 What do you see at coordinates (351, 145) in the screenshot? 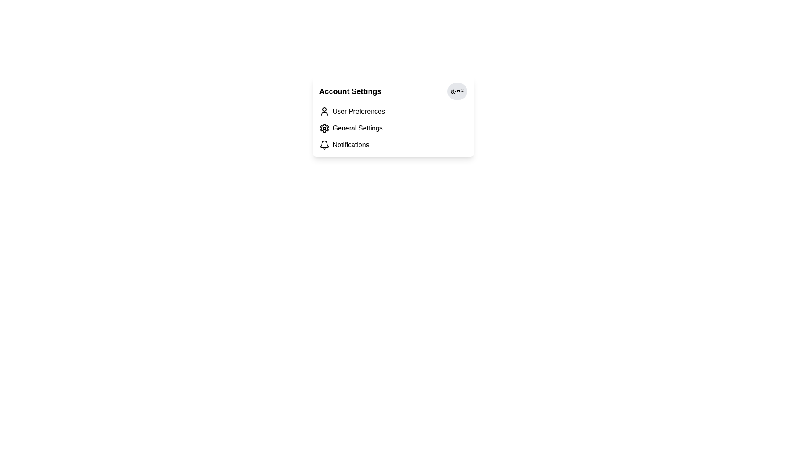
I see `the 'Notifications' text label in the Account Settings panel` at bounding box center [351, 145].